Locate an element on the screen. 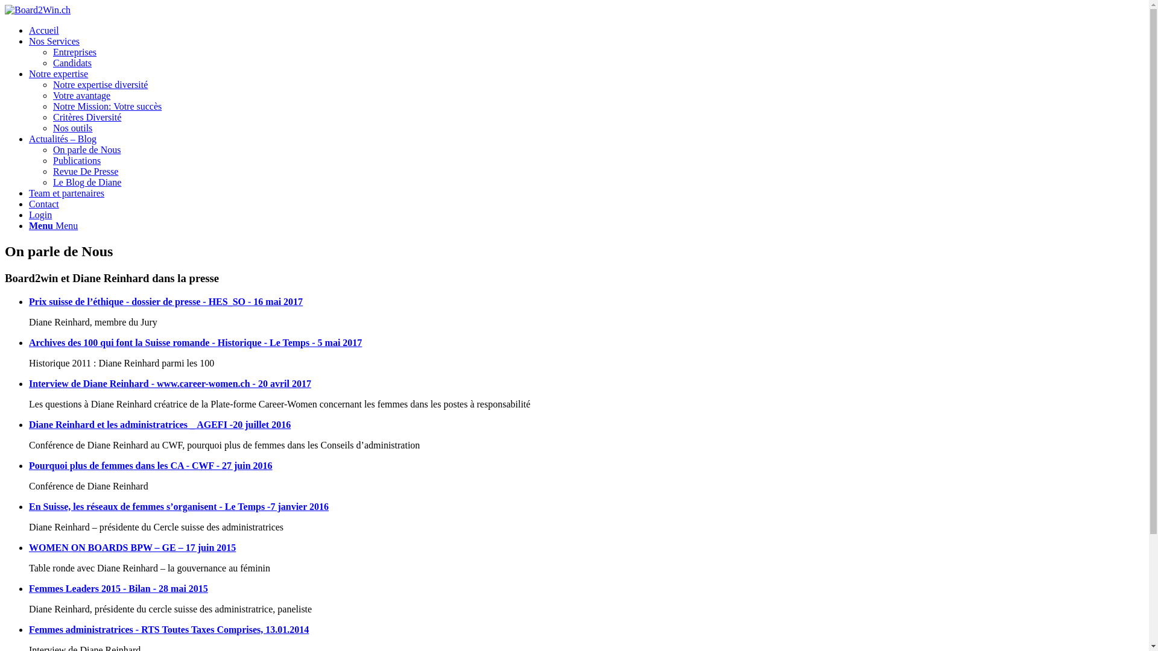  'Notre expertise' is located at coordinates (57, 74).